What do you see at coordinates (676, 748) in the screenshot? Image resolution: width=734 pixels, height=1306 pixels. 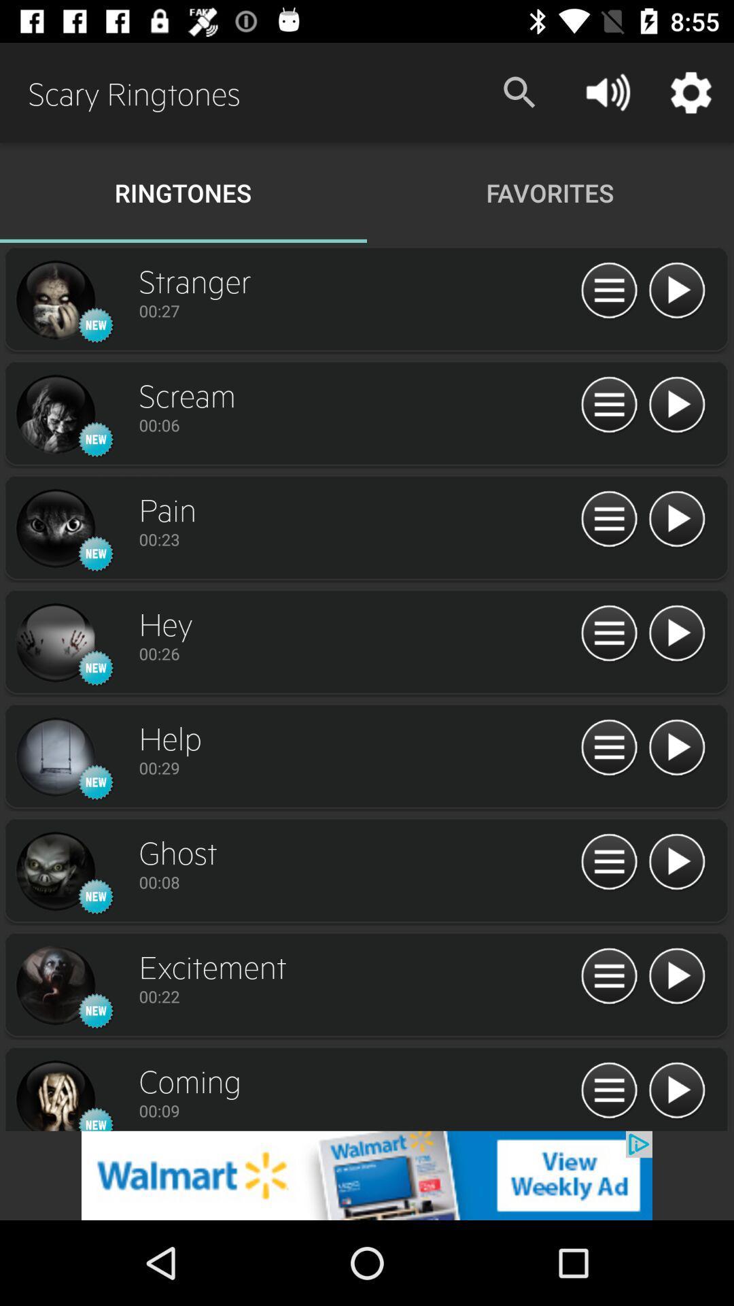 I see `ringtone` at bounding box center [676, 748].